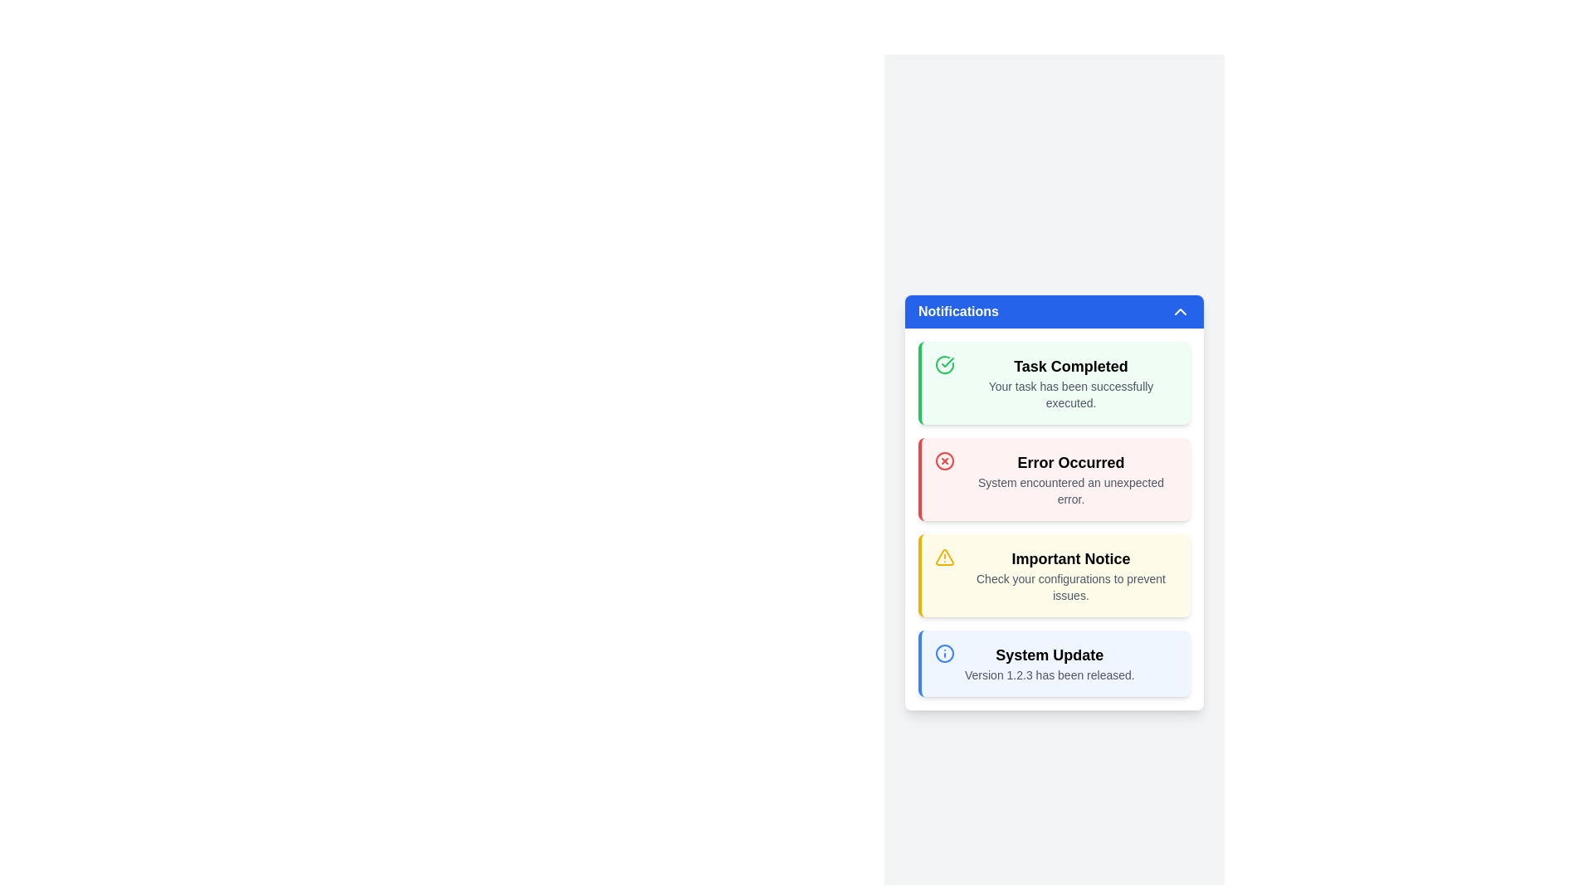 This screenshot has height=896, width=1593. What do you see at coordinates (1054, 518) in the screenshot?
I see `the second notification card in the notification component, which is positioned below the 'Task Completed' notification and above the 'Important Notice' notification` at bounding box center [1054, 518].